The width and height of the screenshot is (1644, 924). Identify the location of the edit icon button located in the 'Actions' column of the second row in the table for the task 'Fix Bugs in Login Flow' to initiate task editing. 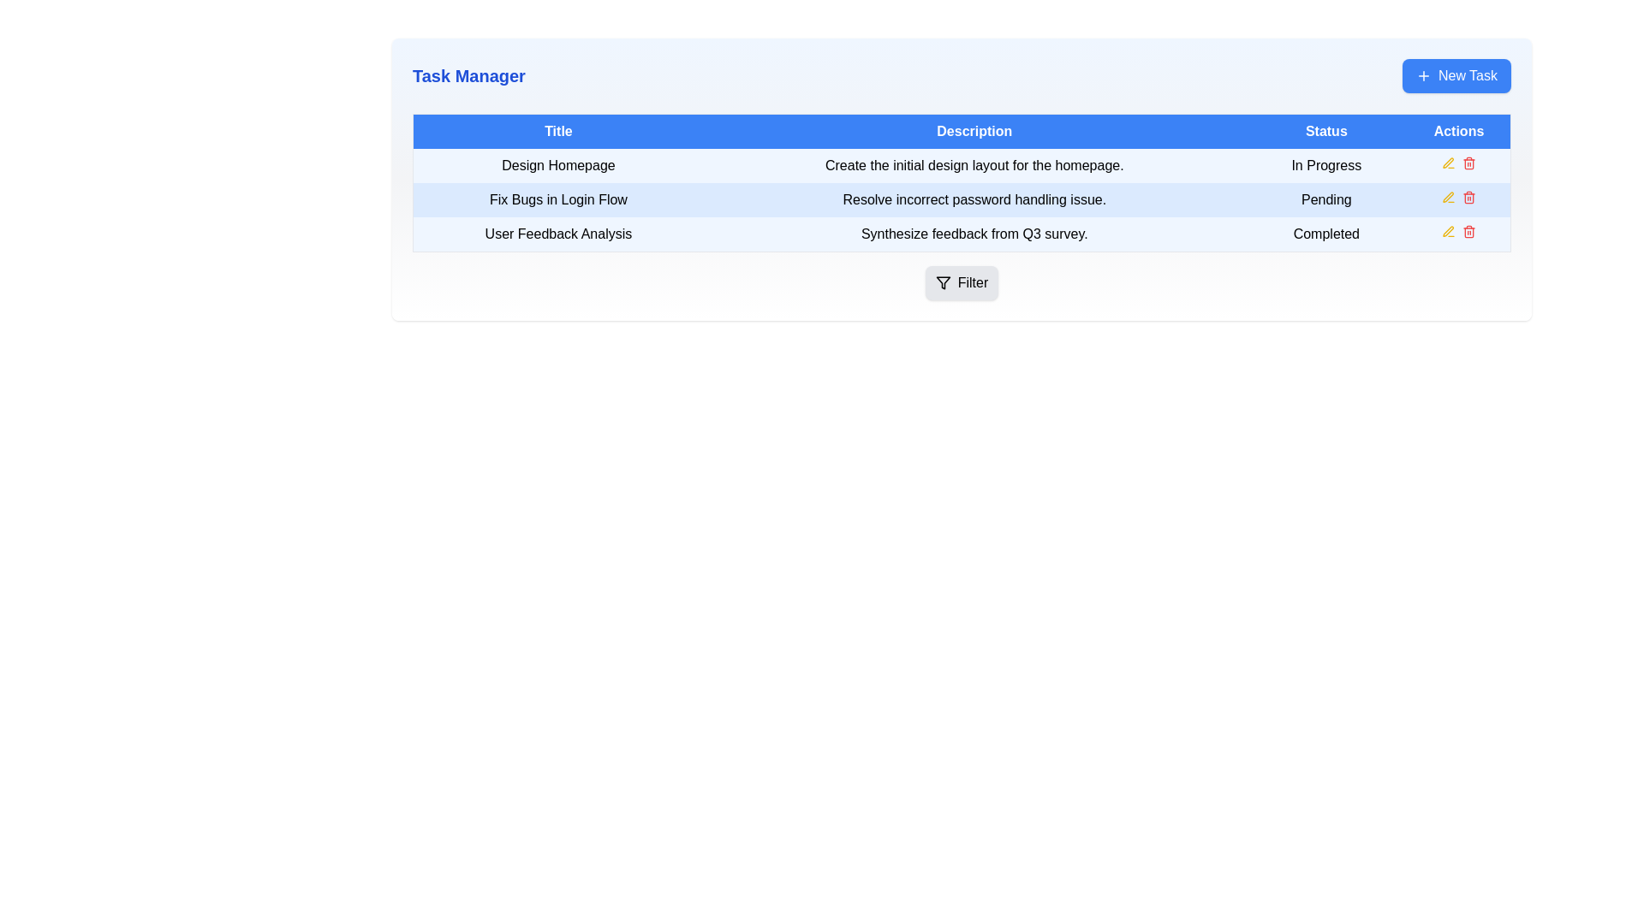
(1447, 196).